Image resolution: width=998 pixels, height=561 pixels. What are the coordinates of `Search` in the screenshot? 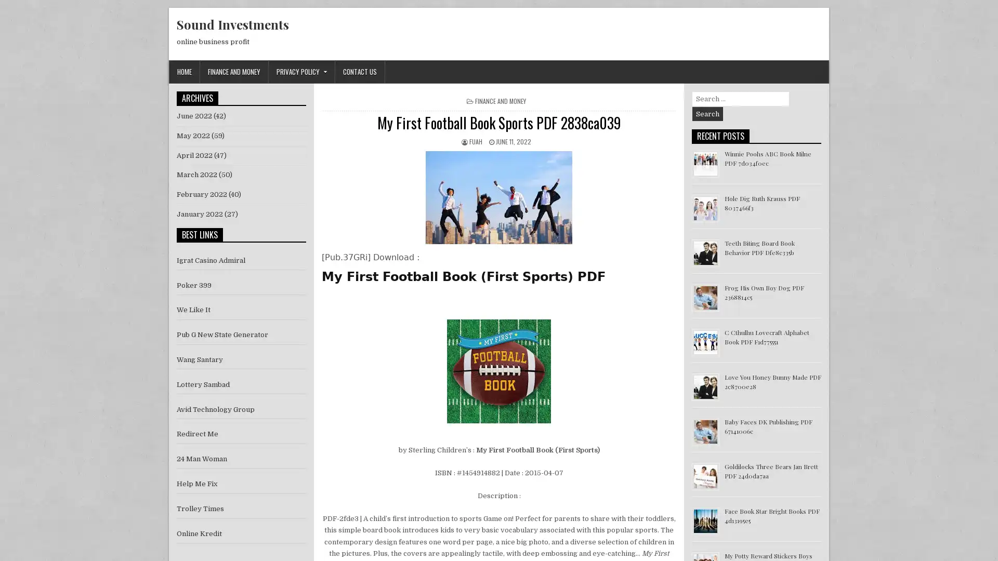 It's located at (707, 114).